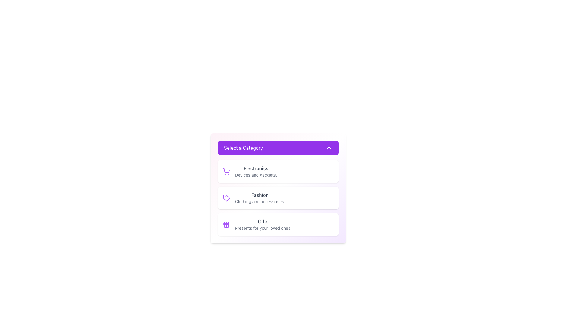  What do you see at coordinates (278, 225) in the screenshot?
I see `the third selectable card option in the 'Select a Category' list to change its background color` at bounding box center [278, 225].